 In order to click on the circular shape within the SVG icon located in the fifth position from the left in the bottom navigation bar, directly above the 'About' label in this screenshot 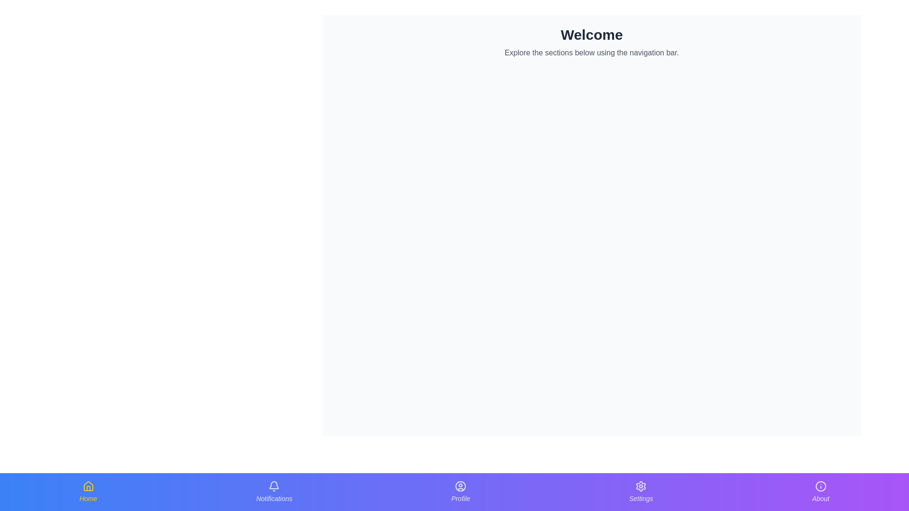, I will do `click(820, 486)`.